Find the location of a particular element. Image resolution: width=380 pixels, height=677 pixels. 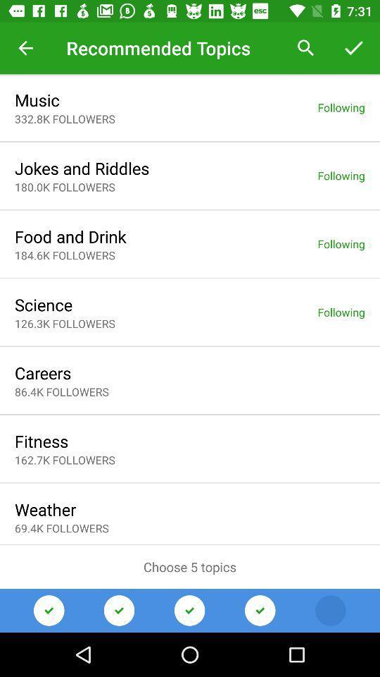

the icon to the left of recommended topics app is located at coordinates (25, 48).